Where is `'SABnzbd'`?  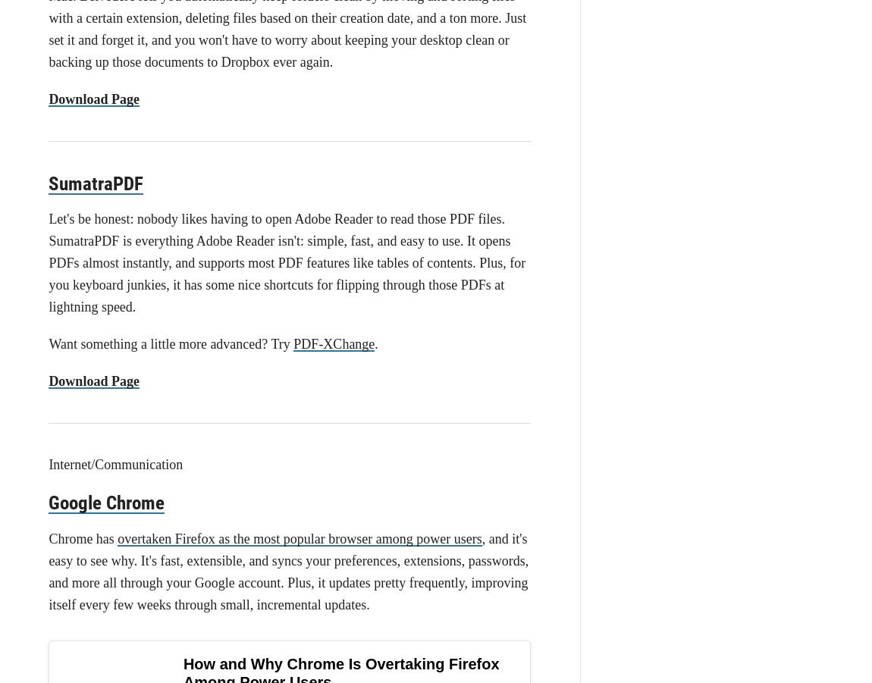 'SABnzbd' is located at coordinates (82, 484).